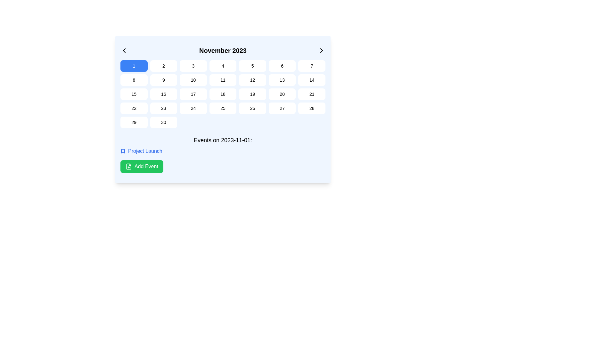  I want to click on the button that represents the date '17' in the calendar grid, so click(193, 94).